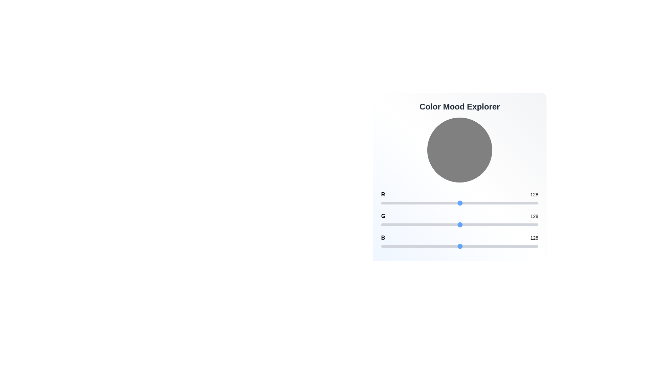  I want to click on the 1 slider to set its value to 215, so click(514, 224).